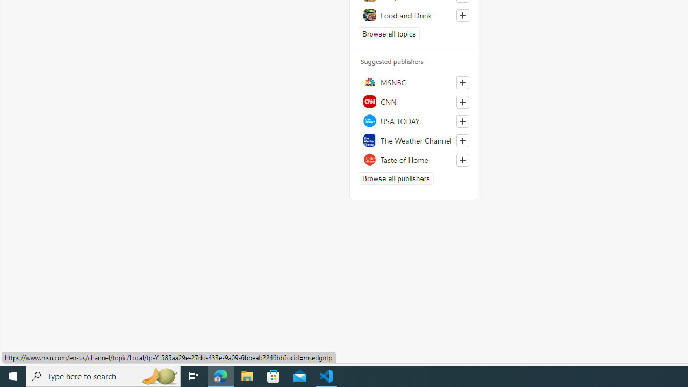  Describe the element at coordinates (413, 140) in the screenshot. I see `'The Weather Channel'` at that location.